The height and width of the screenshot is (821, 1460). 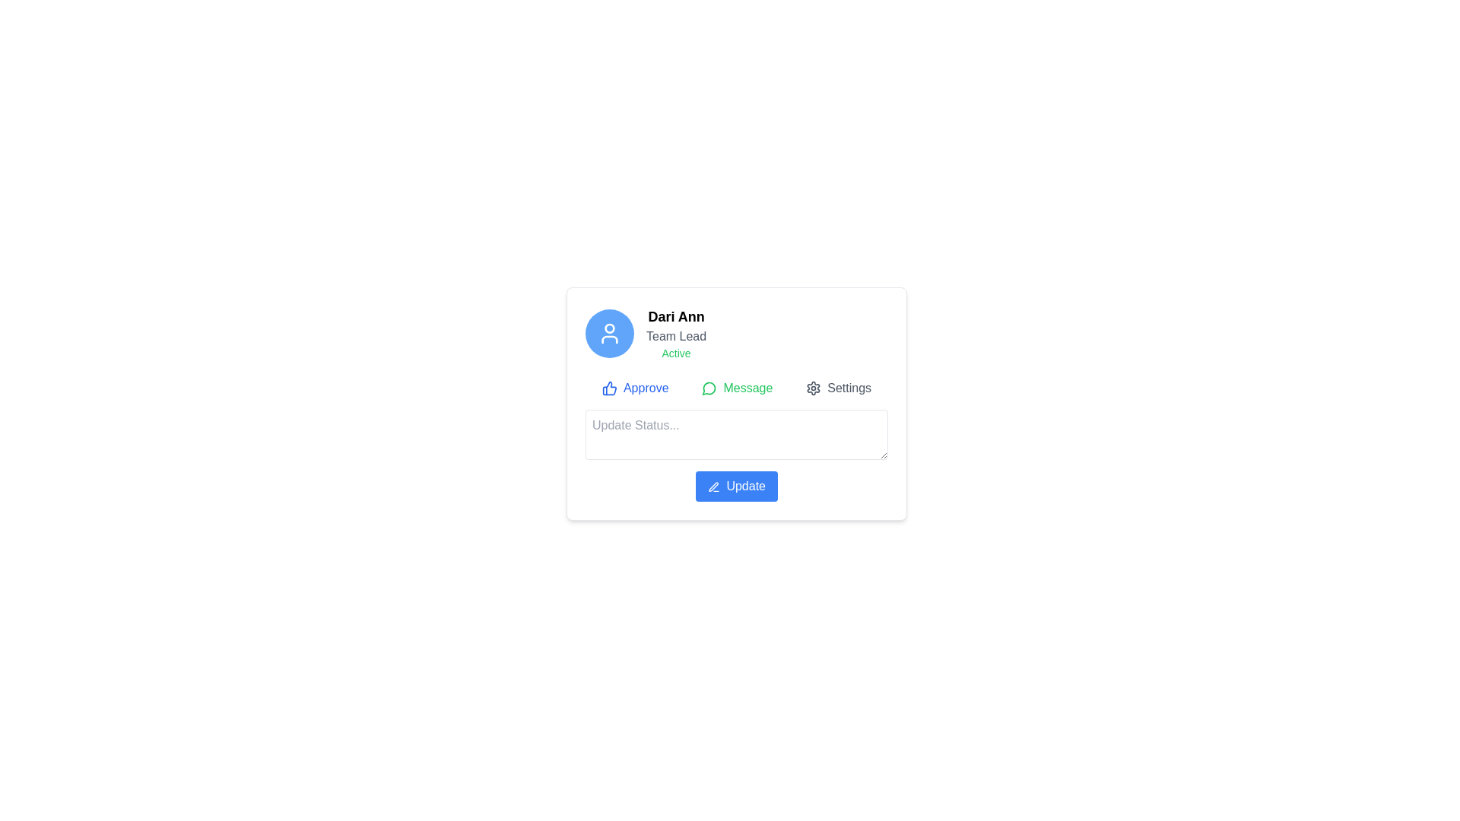 What do you see at coordinates (838, 387) in the screenshot?
I see `the settings button located at the rightmost side of the interactive options row in the bottom half of the interface` at bounding box center [838, 387].